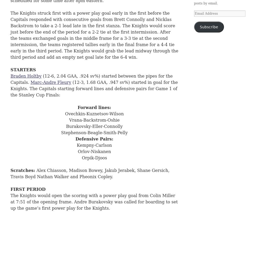 The width and height of the screenshot is (257, 260). Describe the element at coordinates (208, 26) in the screenshot. I see `'Subscribe'` at that location.